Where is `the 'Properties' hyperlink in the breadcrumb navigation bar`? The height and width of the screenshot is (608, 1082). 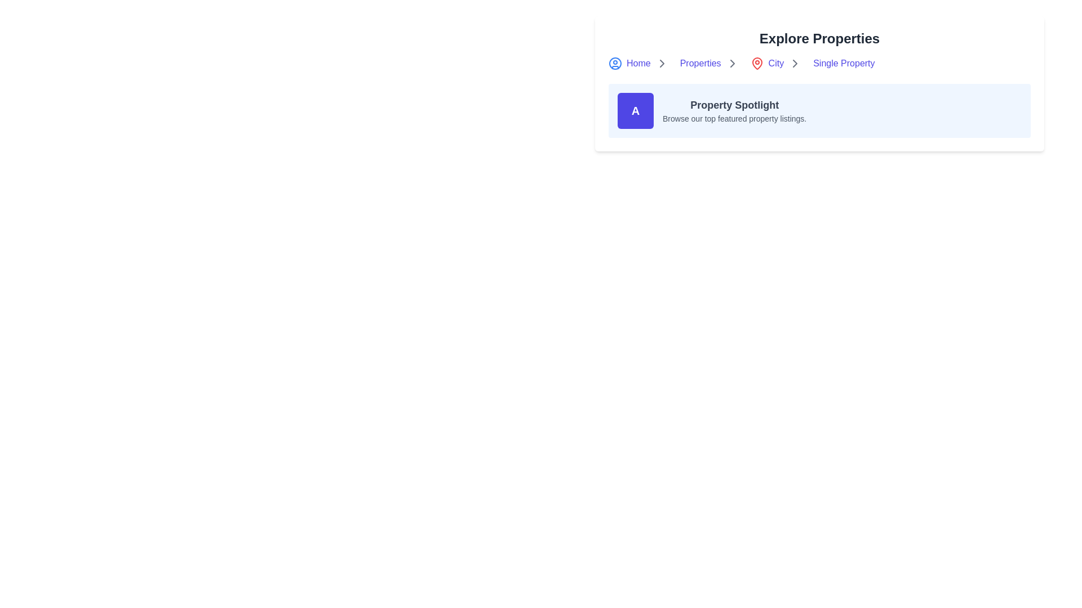
the 'Properties' hyperlink in the breadcrumb navigation bar is located at coordinates (711, 63).